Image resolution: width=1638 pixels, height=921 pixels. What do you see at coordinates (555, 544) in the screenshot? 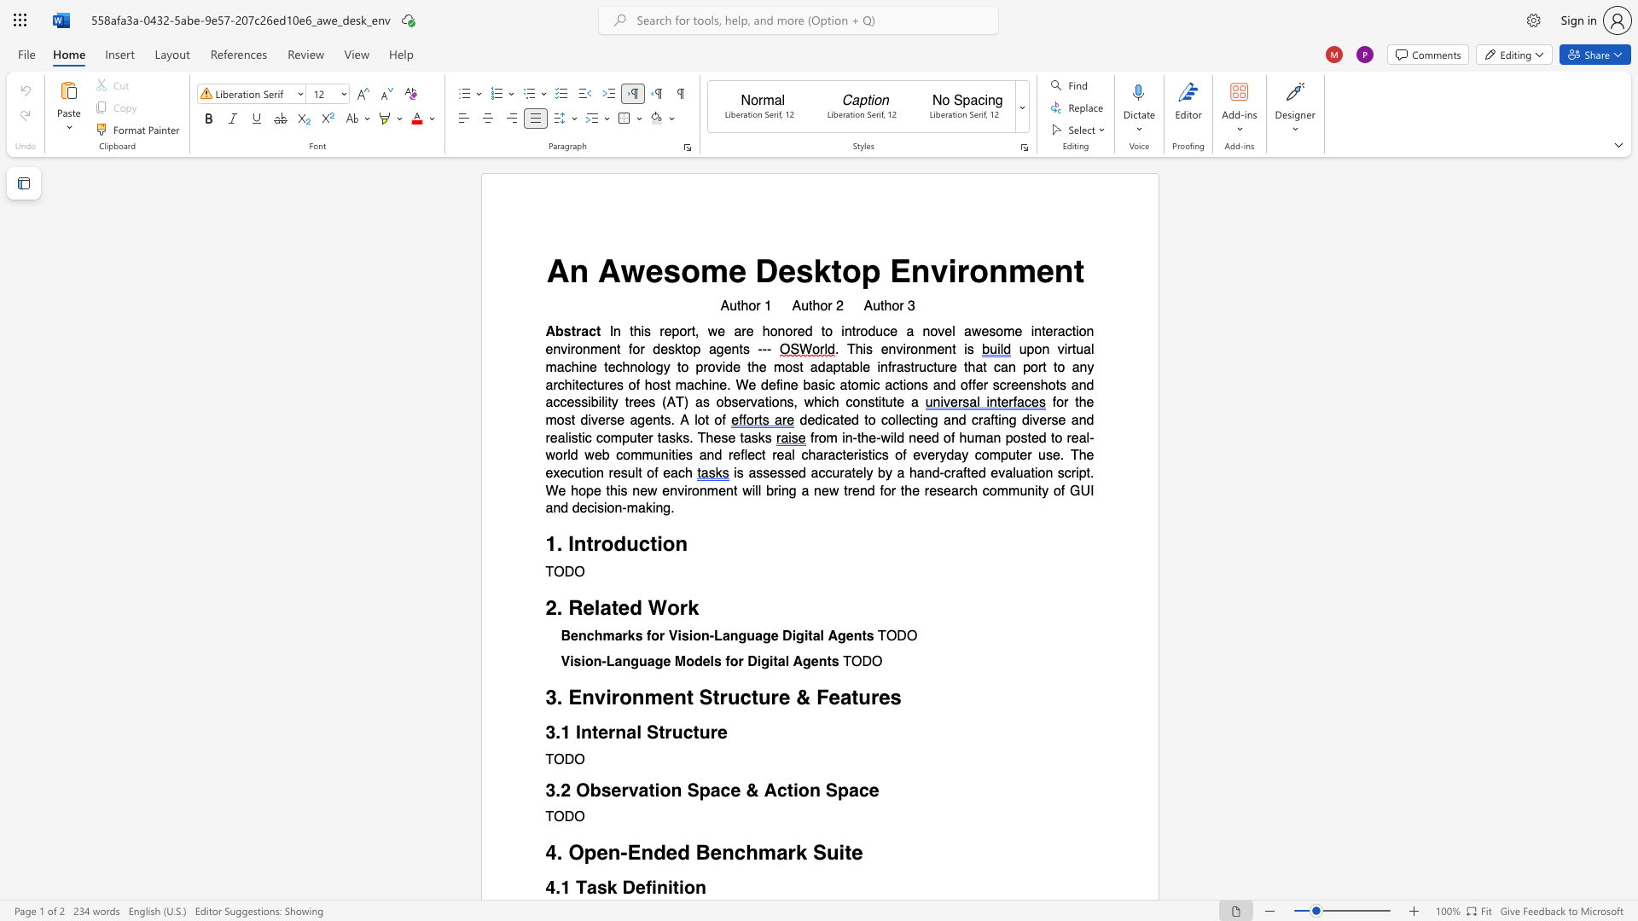
I see `the space between the continuous character "1" and "." in the text` at bounding box center [555, 544].